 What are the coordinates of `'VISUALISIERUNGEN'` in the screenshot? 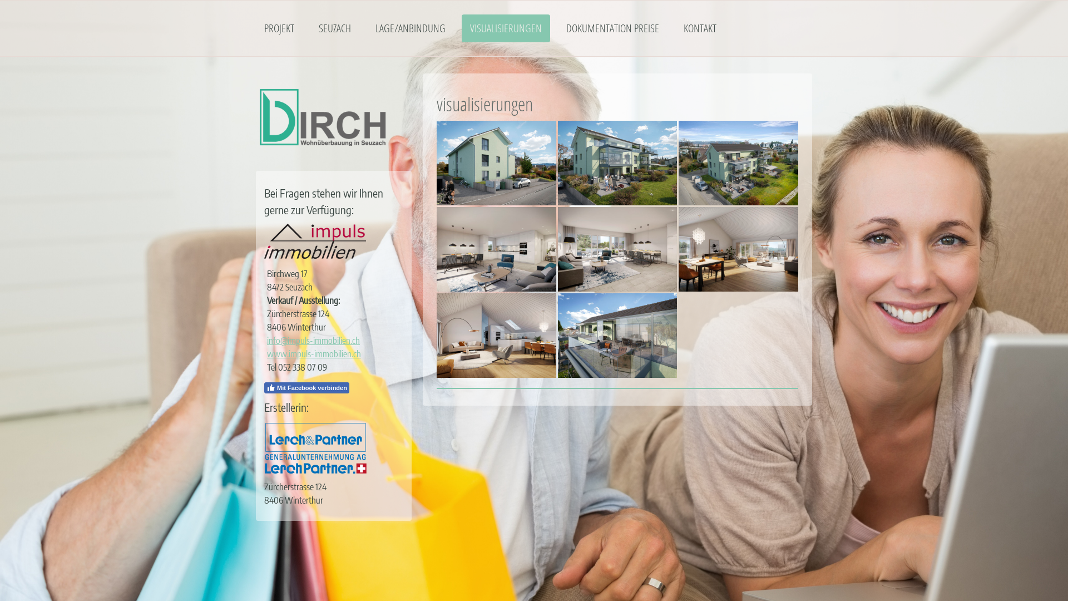 It's located at (505, 27).